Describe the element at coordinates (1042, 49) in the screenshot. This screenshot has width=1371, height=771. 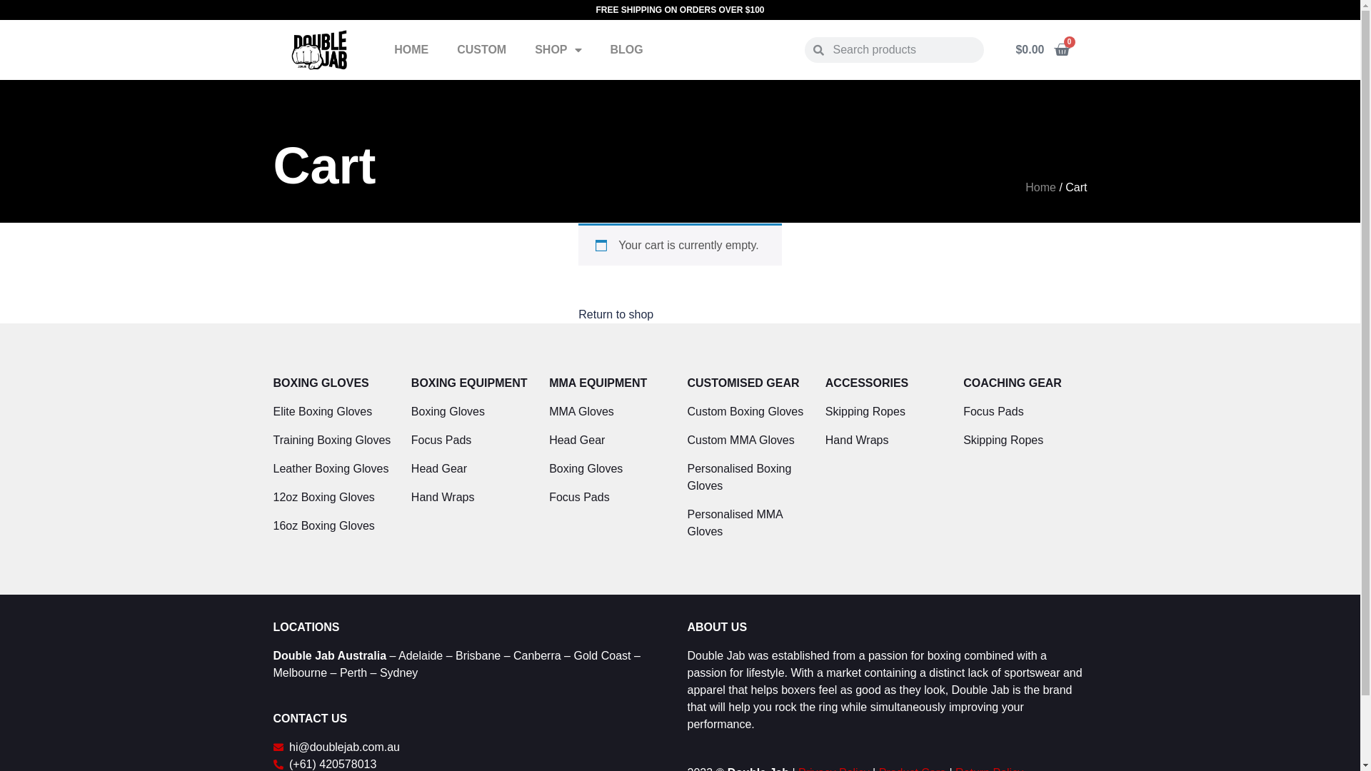
I see `'$0.00` at that location.